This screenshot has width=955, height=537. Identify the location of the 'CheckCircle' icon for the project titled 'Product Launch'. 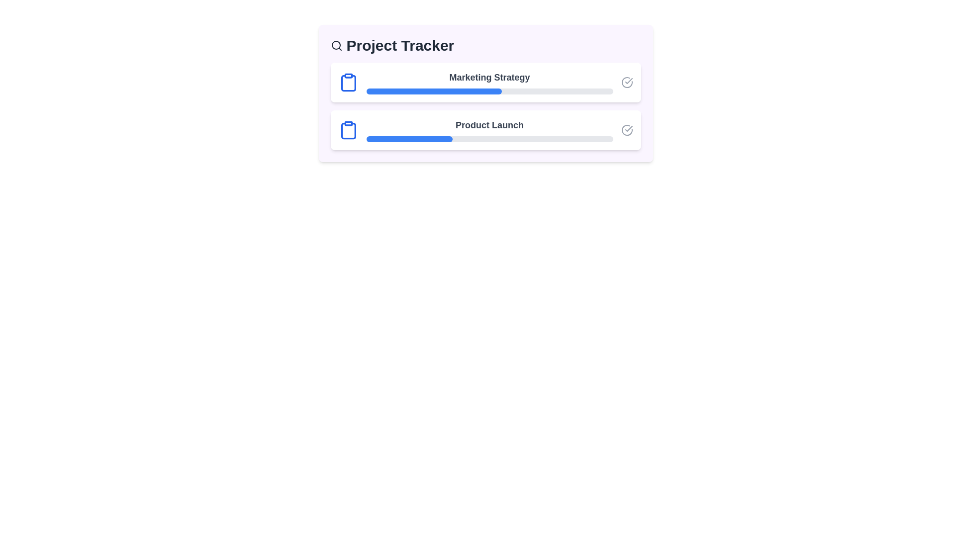
(626, 130).